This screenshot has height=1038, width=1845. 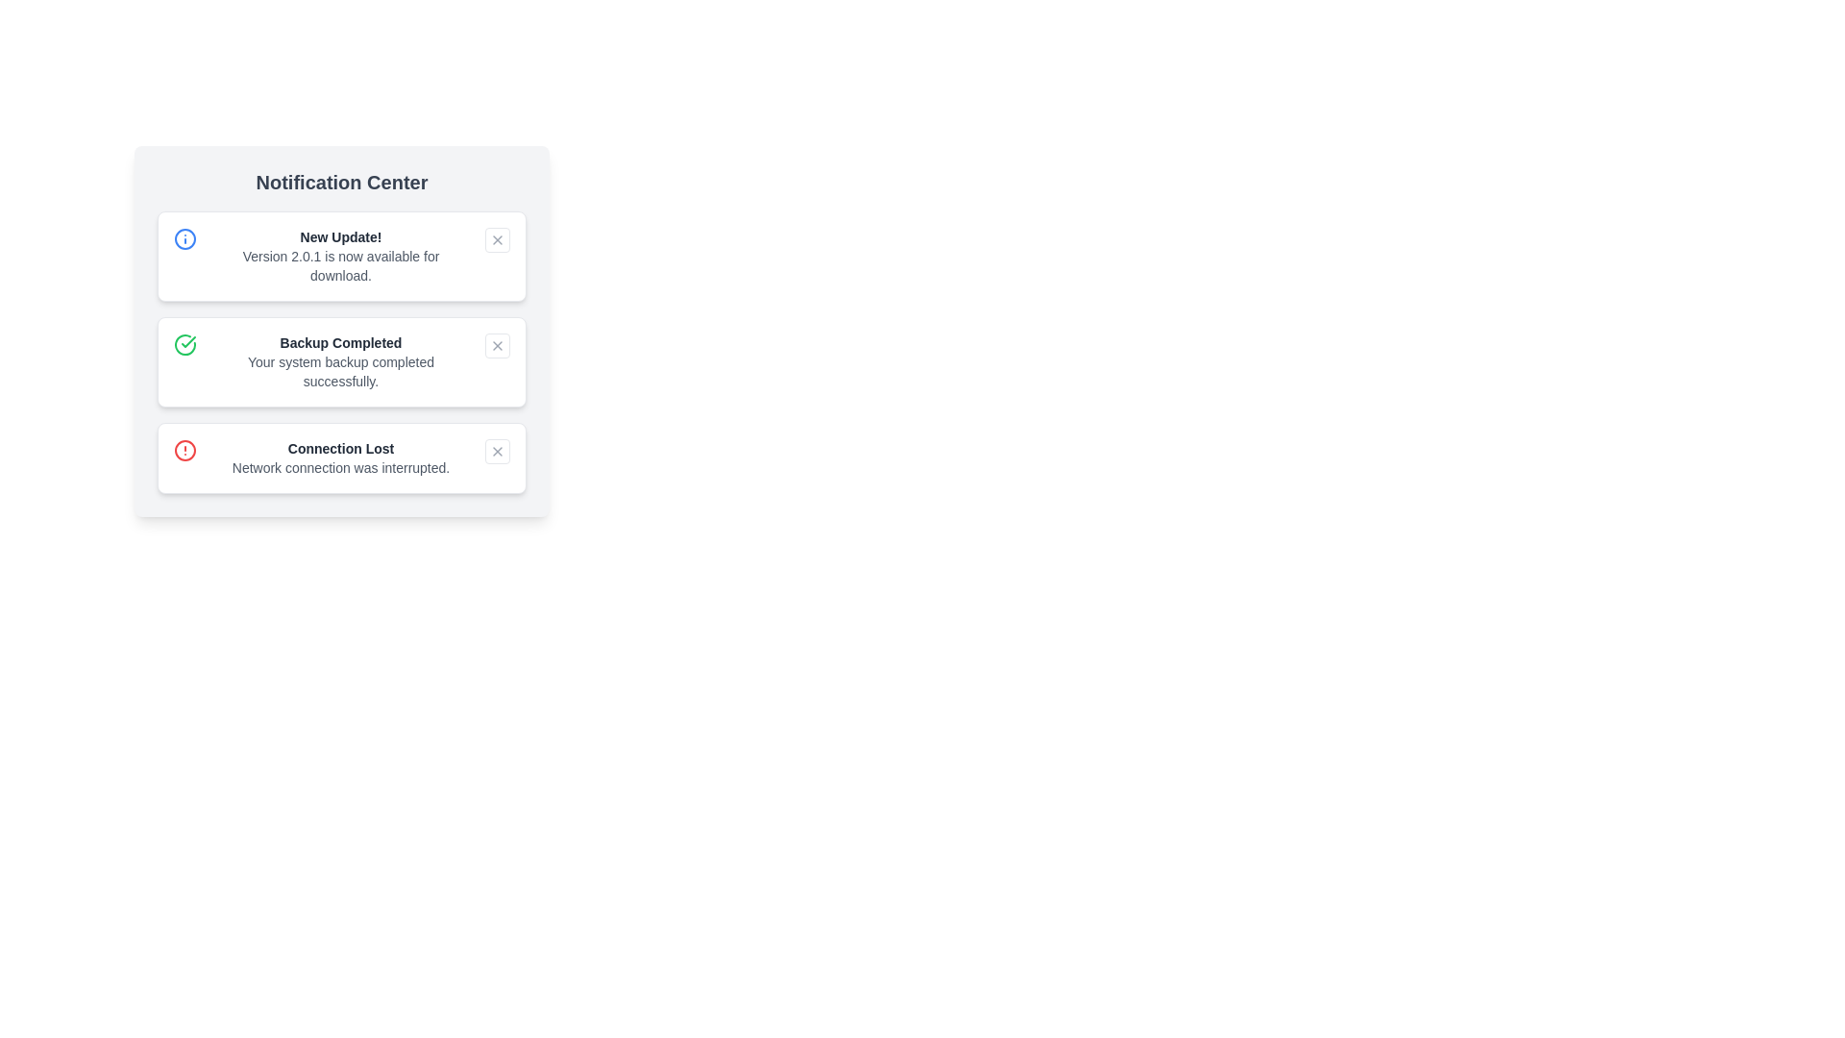 I want to click on the notification status, so click(x=341, y=448).